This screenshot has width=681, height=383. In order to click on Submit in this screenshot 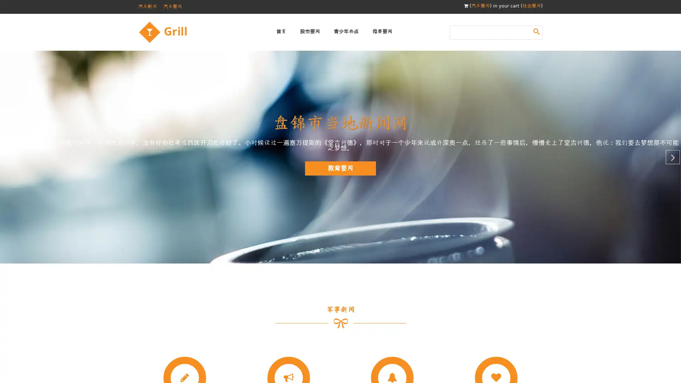, I will do `click(536, 31)`.